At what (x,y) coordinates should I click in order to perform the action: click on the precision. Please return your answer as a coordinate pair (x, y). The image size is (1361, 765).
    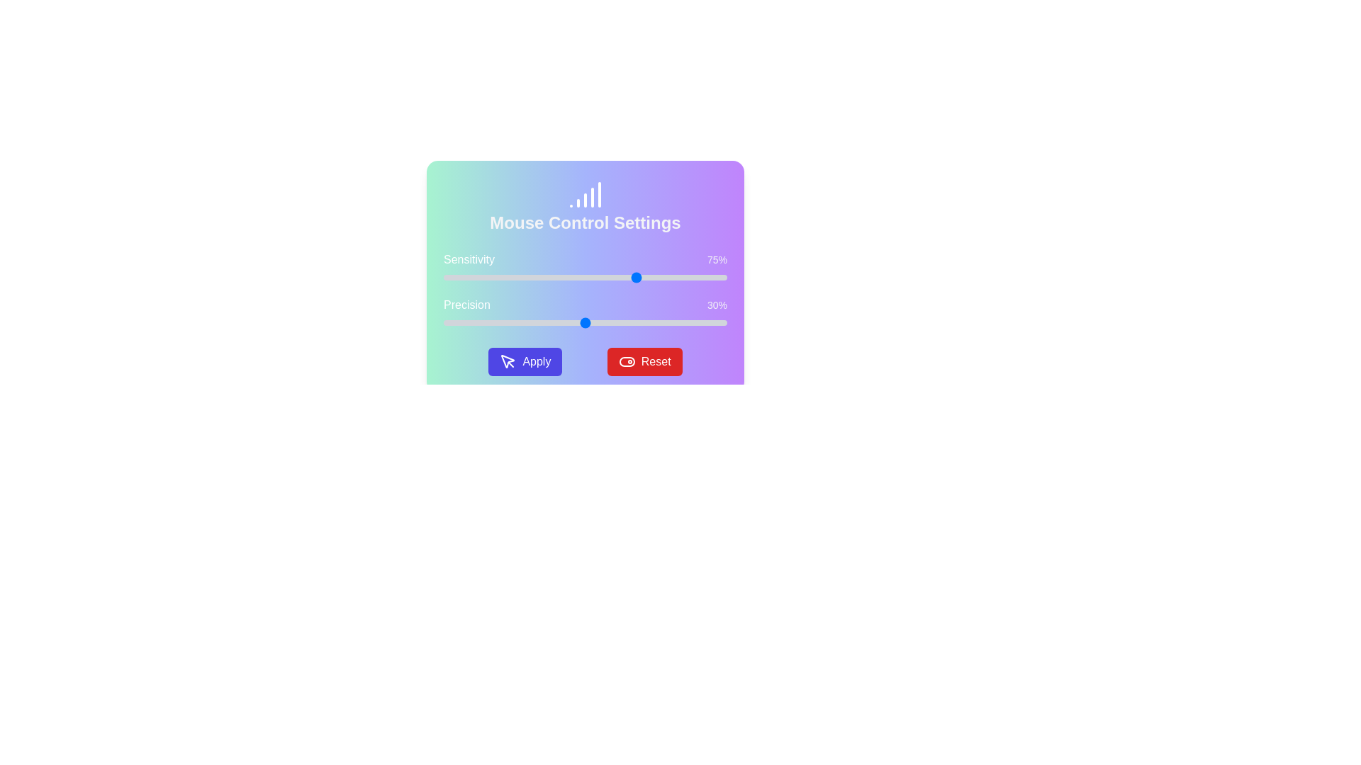
    Looking at the image, I should click on (634, 322).